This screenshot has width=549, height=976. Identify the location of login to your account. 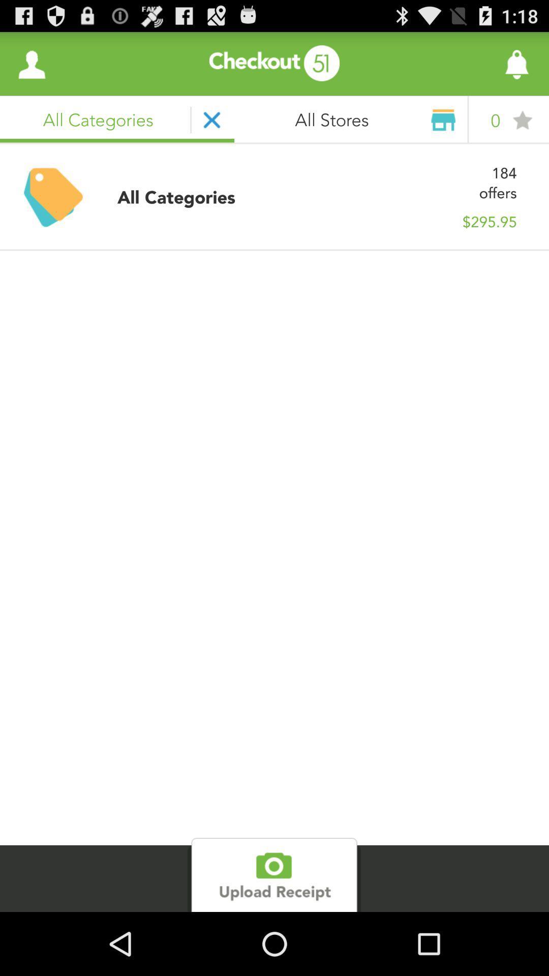
(31, 63).